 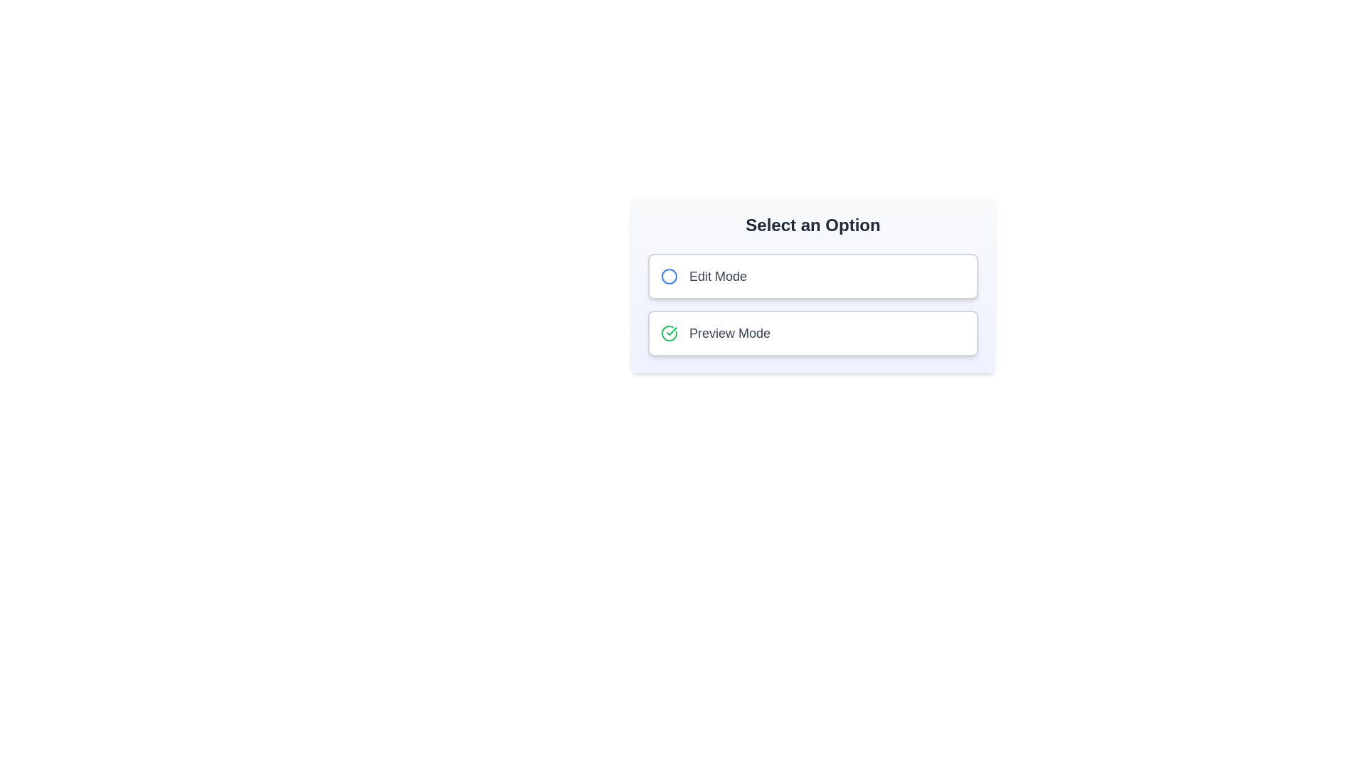 I want to click on the 'Preview Mode' button, which is the second button in a vertically stacked group of two options, so click(x=812, y=334).